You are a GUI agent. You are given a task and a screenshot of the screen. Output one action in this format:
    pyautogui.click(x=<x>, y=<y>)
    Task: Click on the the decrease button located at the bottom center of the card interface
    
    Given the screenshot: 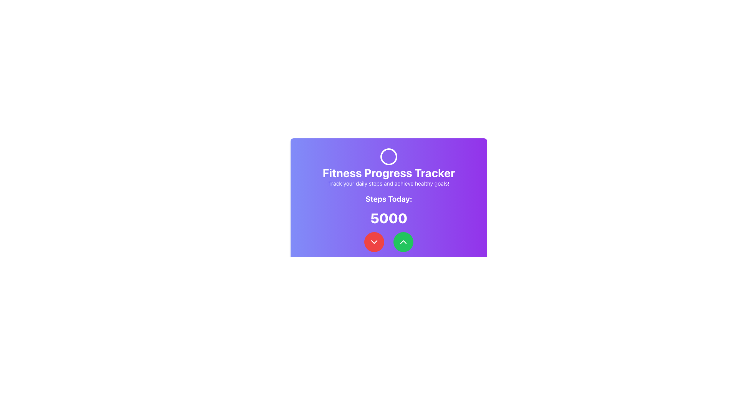 What is the action you would take?
    pyautogui.click(x=374, y=241)
    